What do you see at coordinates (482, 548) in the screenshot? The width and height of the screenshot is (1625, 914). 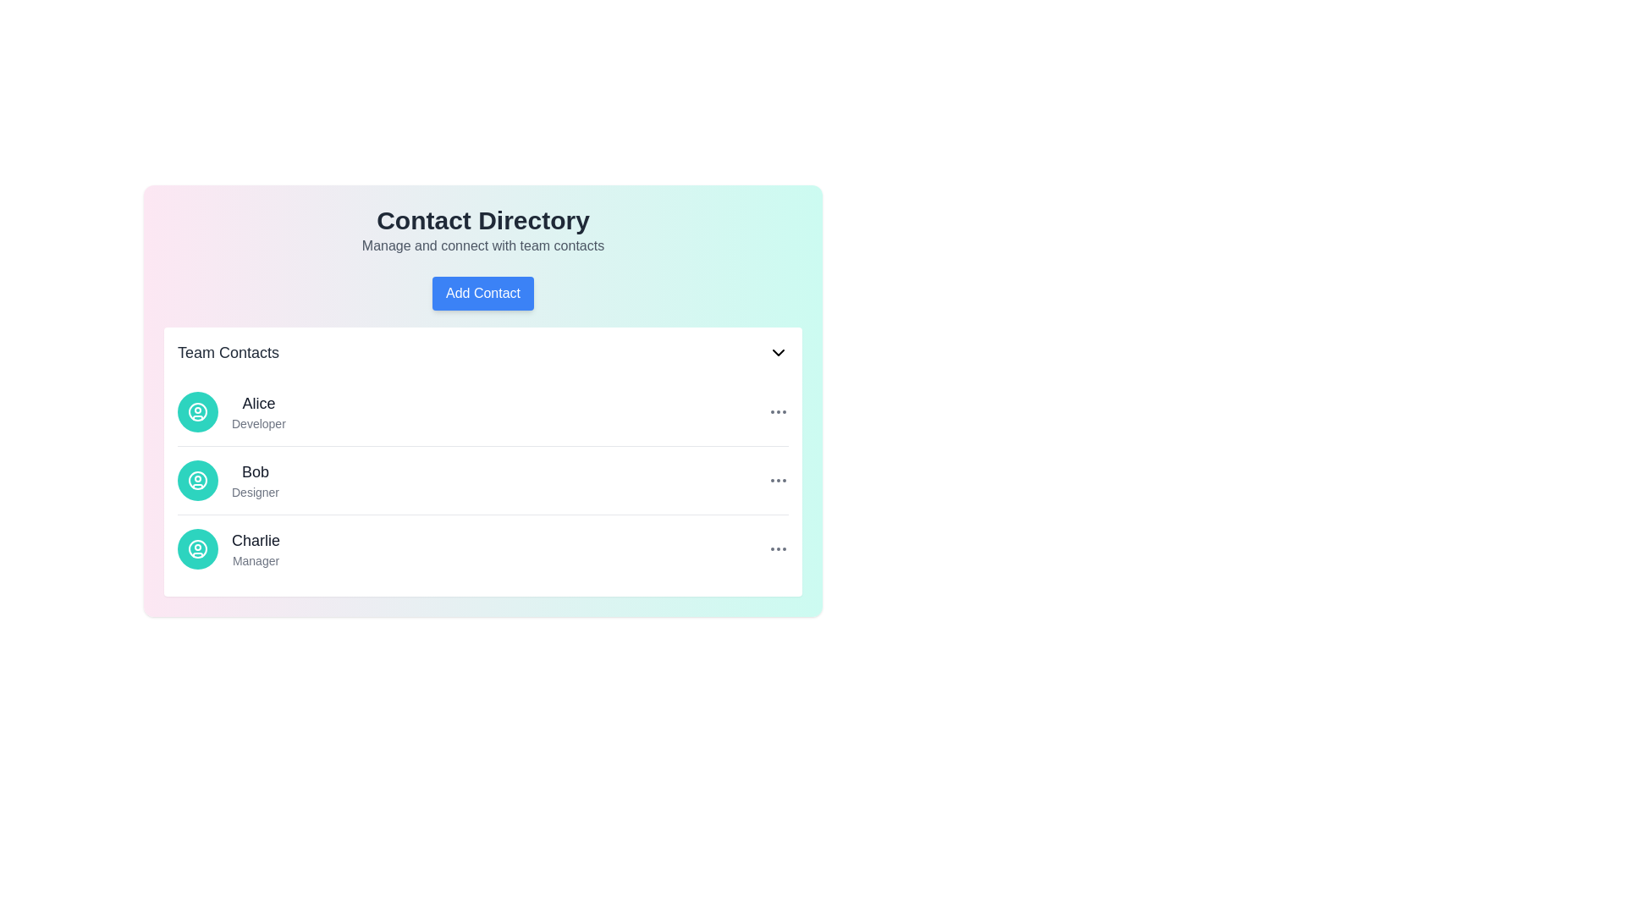 I see `the third user profile card in the 'Team Contacts' section` at bounding box center [482, 548].